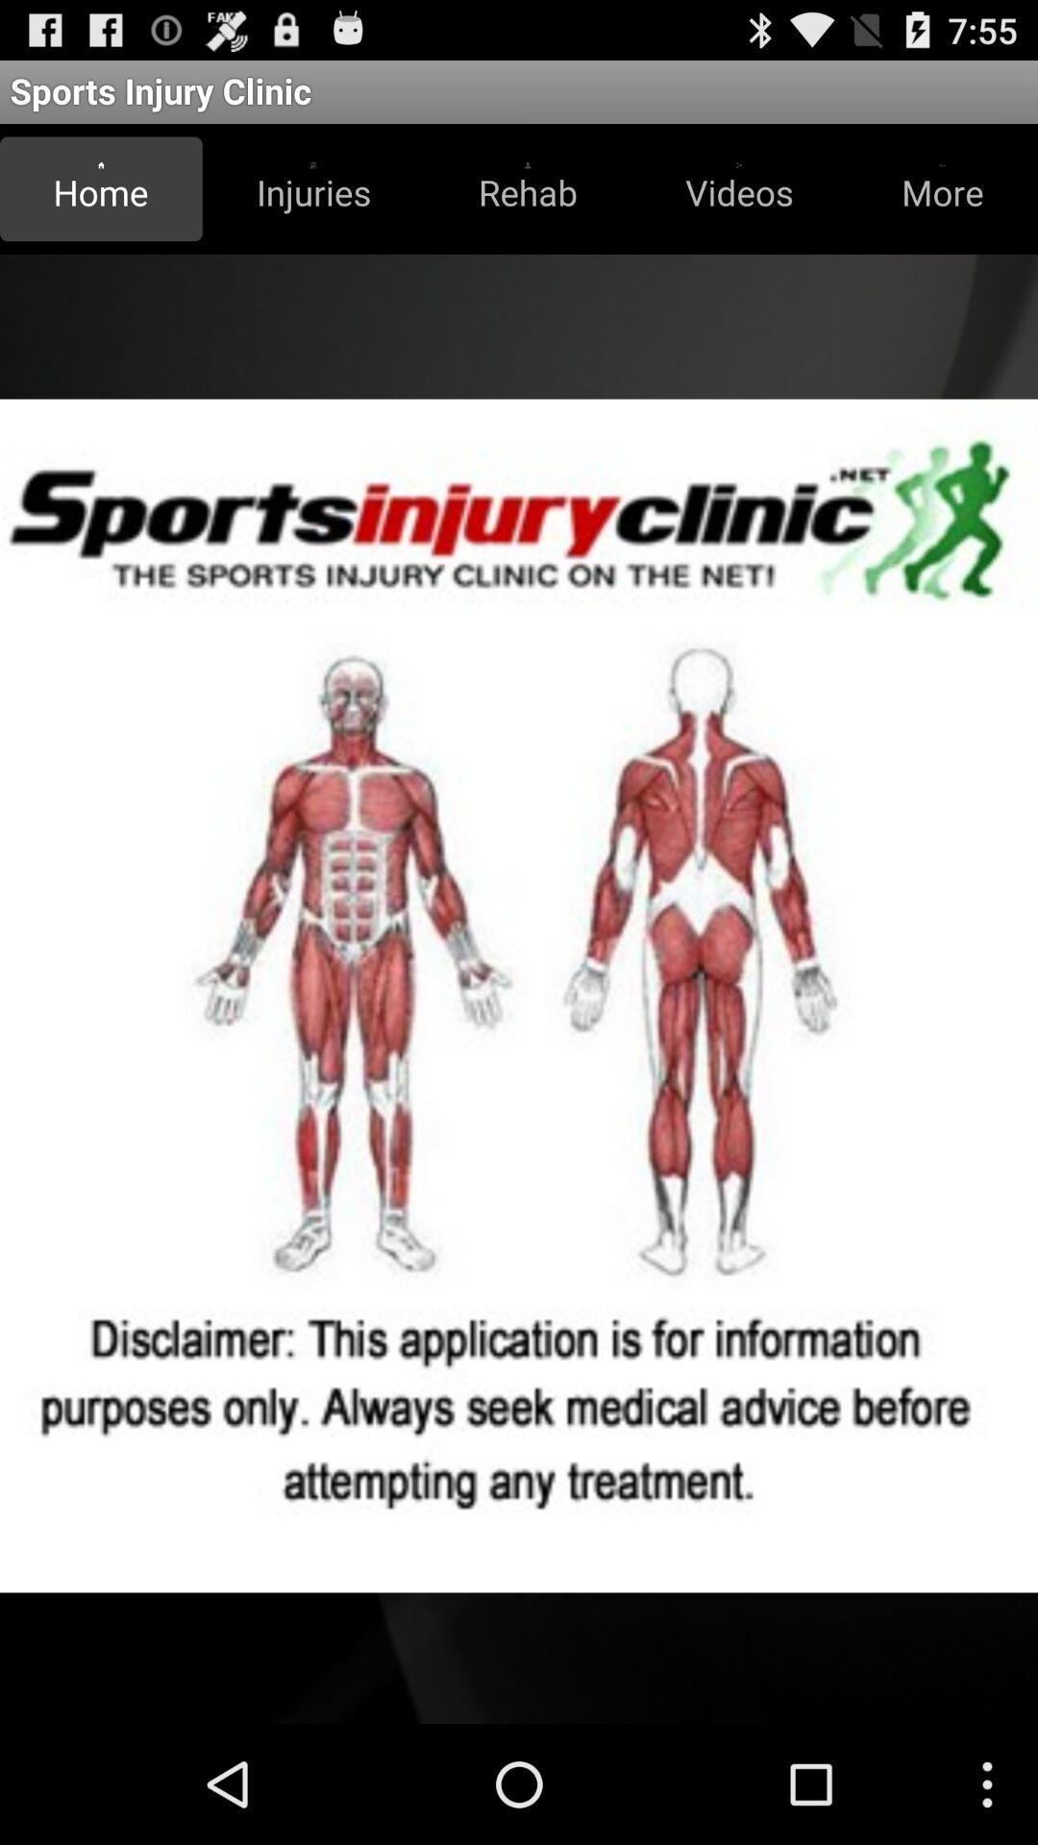 Image resolution: width=1038 pixels, height=1845 pixels. Describe the element at coordinates (941, 188) in the screenshot. I see `button to the right of videos icon` at that location.